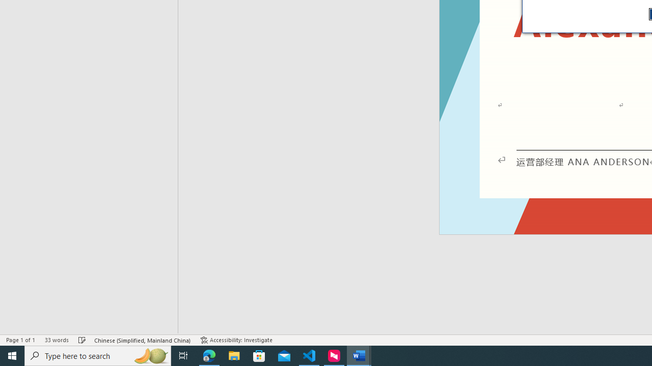  What do you see at coordinates (359, 355) in the screenshot?
I see `'Word - 2 running windows'` at bounding box center [359, 355].